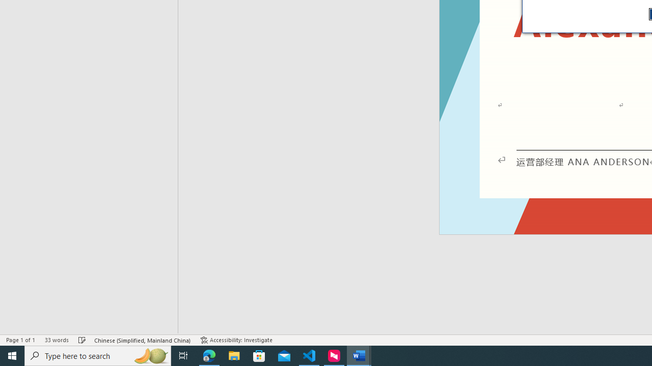  What do you see at coordinates (359, 355) in the screenshot?
I see `'Word - 2 running windows'` at bounding box center [359, 355].